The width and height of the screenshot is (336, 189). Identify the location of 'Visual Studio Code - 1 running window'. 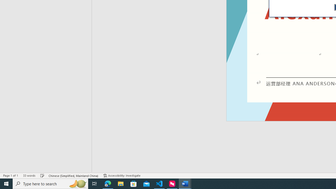
(159, 183).